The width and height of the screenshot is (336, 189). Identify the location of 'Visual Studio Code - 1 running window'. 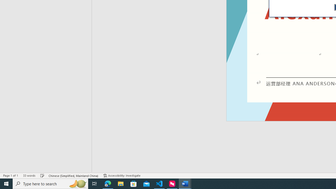
(159, 183).